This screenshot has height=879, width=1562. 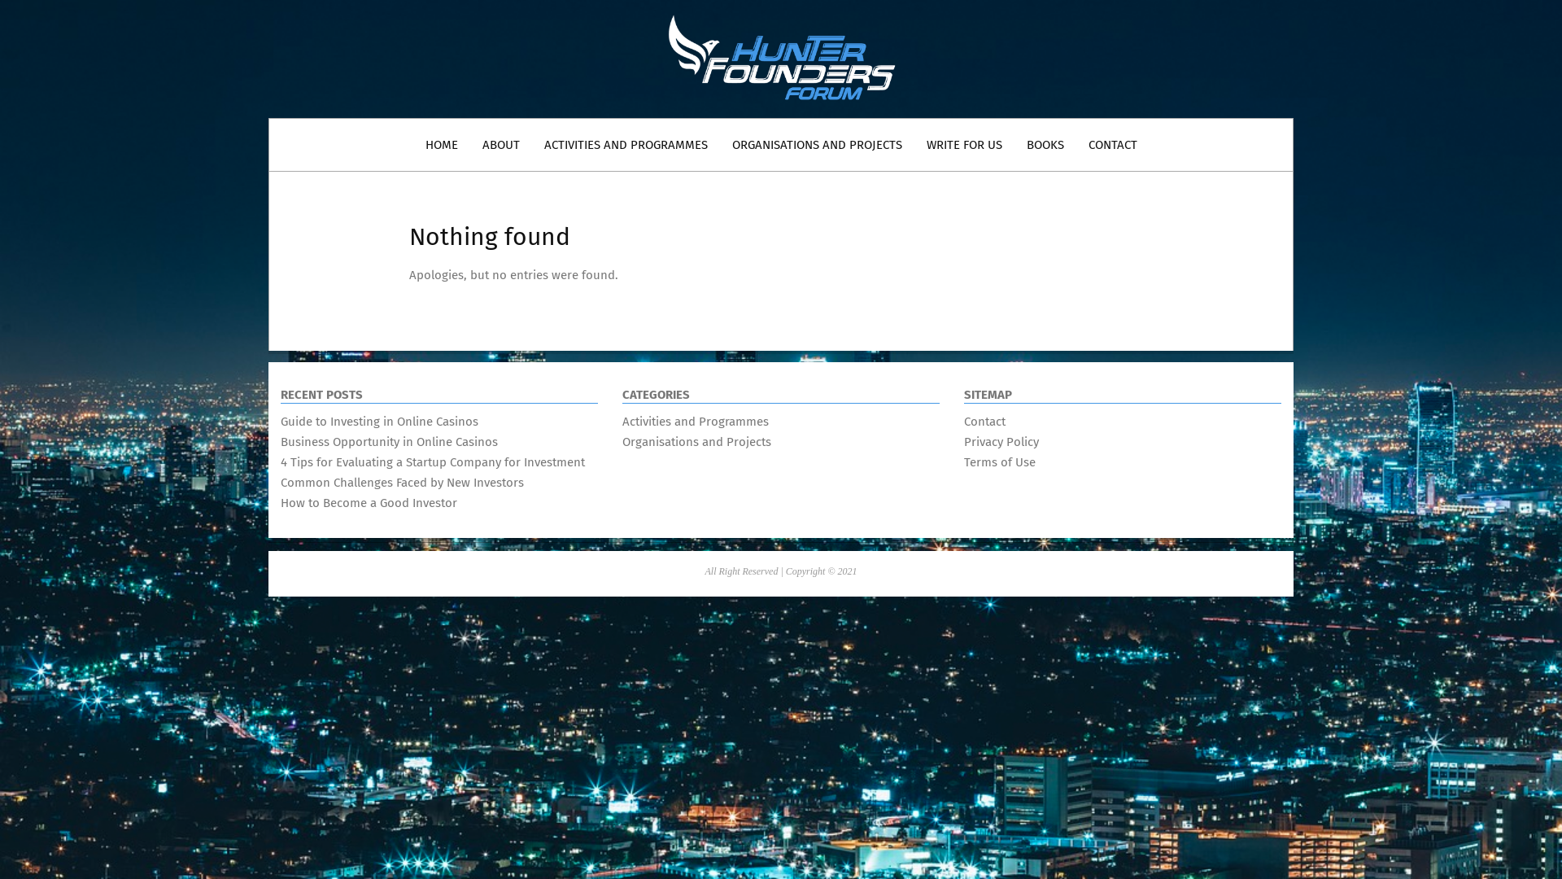 What do you see at coordinates (500, 143) in the screenshot?
I see `'ABOUT'` at bounding box center [500, 143].